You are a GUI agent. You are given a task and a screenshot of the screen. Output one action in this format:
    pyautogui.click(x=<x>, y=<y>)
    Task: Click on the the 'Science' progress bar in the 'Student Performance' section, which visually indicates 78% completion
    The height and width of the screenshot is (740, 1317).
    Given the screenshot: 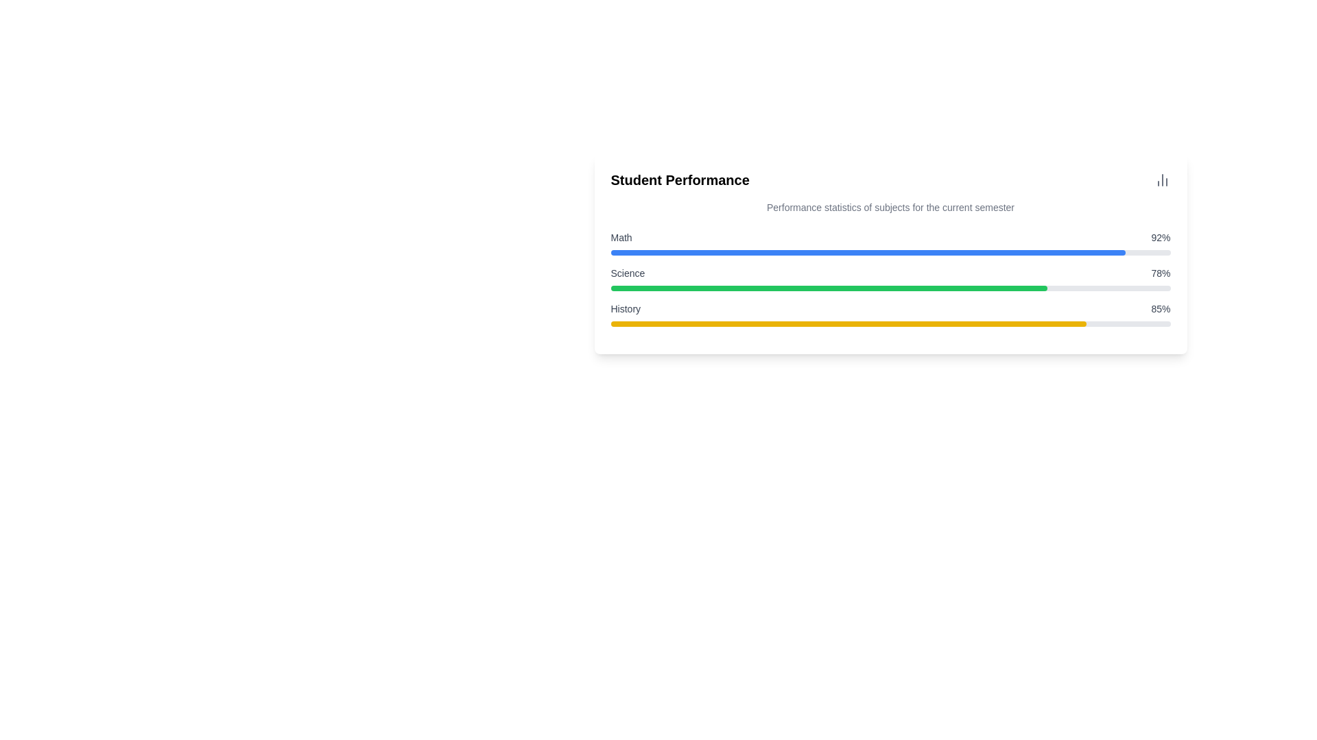 What is the action you would take?
    pyautogui.click(x=890, y=287)
    